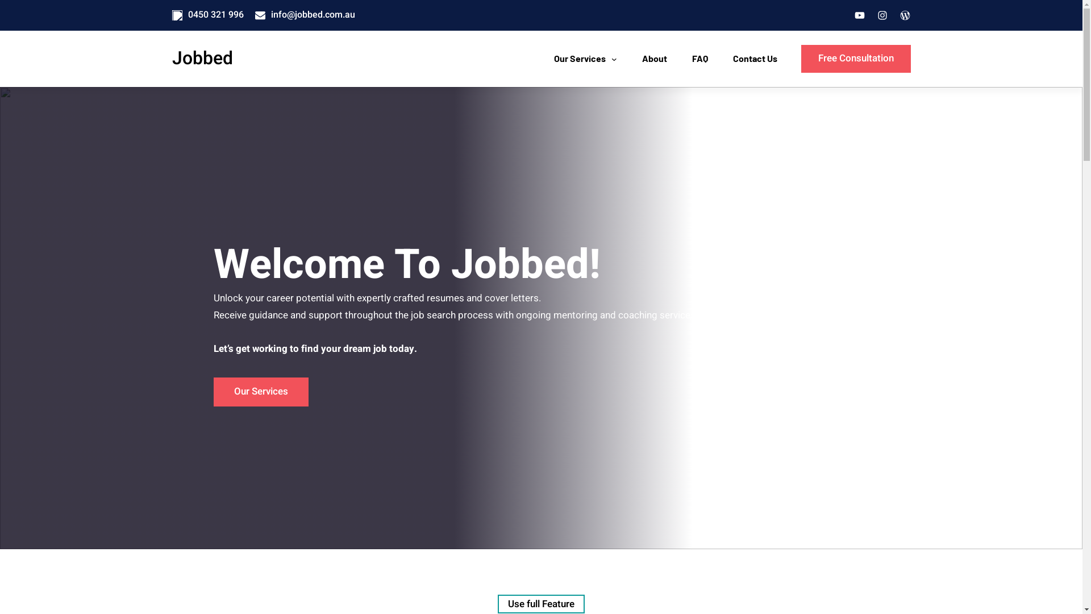  Describe the element at coordinates (655, 59) in the screenshot. I see `'About'` at that location.